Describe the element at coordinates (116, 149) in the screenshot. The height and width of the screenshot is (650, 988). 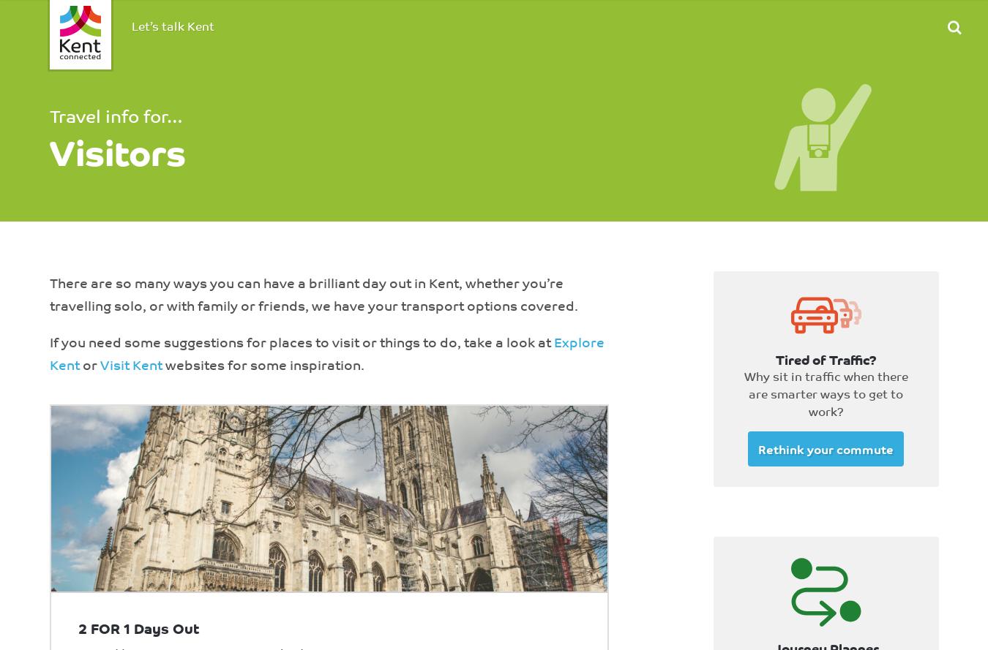
I see `'Visitors'` at that location.